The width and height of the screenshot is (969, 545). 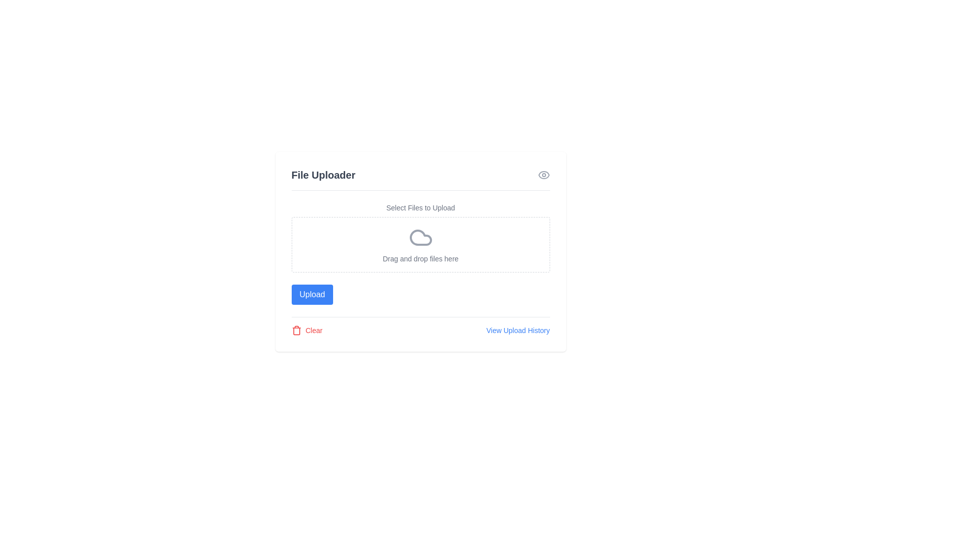 I want to click on the Trash Can icon, which represents delete functionality in the file uploader interface, located near the 'Clear' button, so click(x=296, y=331).